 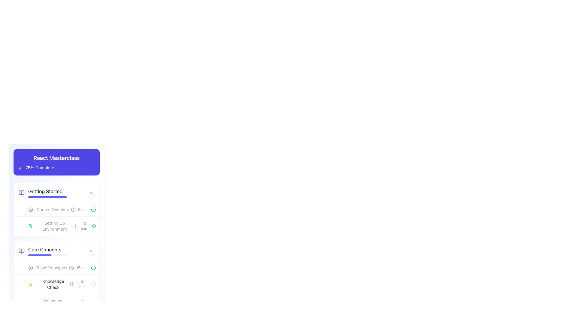 What do you see at coordinates (53, 304) in the screenshot?
I see `the Text label indicating a section title under 'Core Concepts' in the left sidebar, positioned after the play button icon` at bounding box center [53, 304].